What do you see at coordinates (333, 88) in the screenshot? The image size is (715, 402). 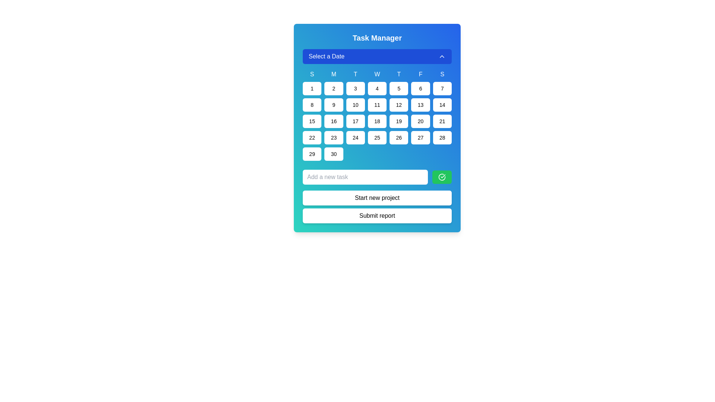 I see `the button labeled '2' in the calendar interface` at bounding box center [333, 88].